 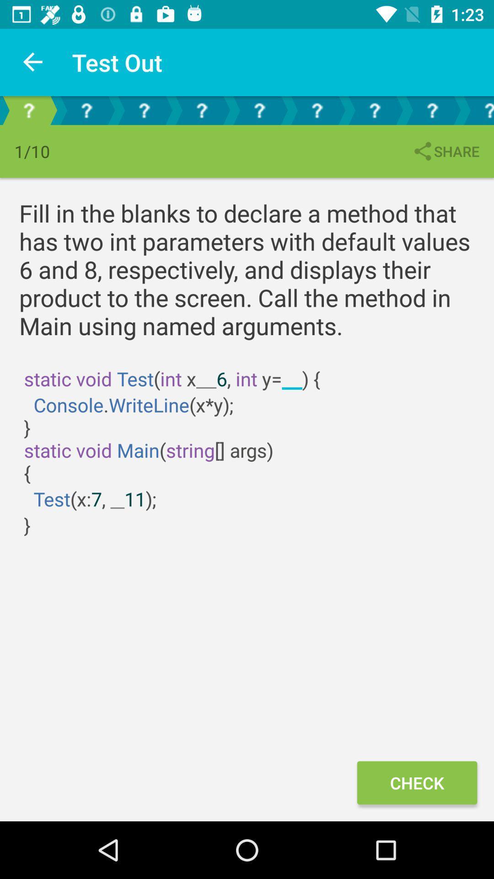 What do you see at coordinates (201, 110) in the screenshot?
I see `the help icon` at bounding box center [201, 110].